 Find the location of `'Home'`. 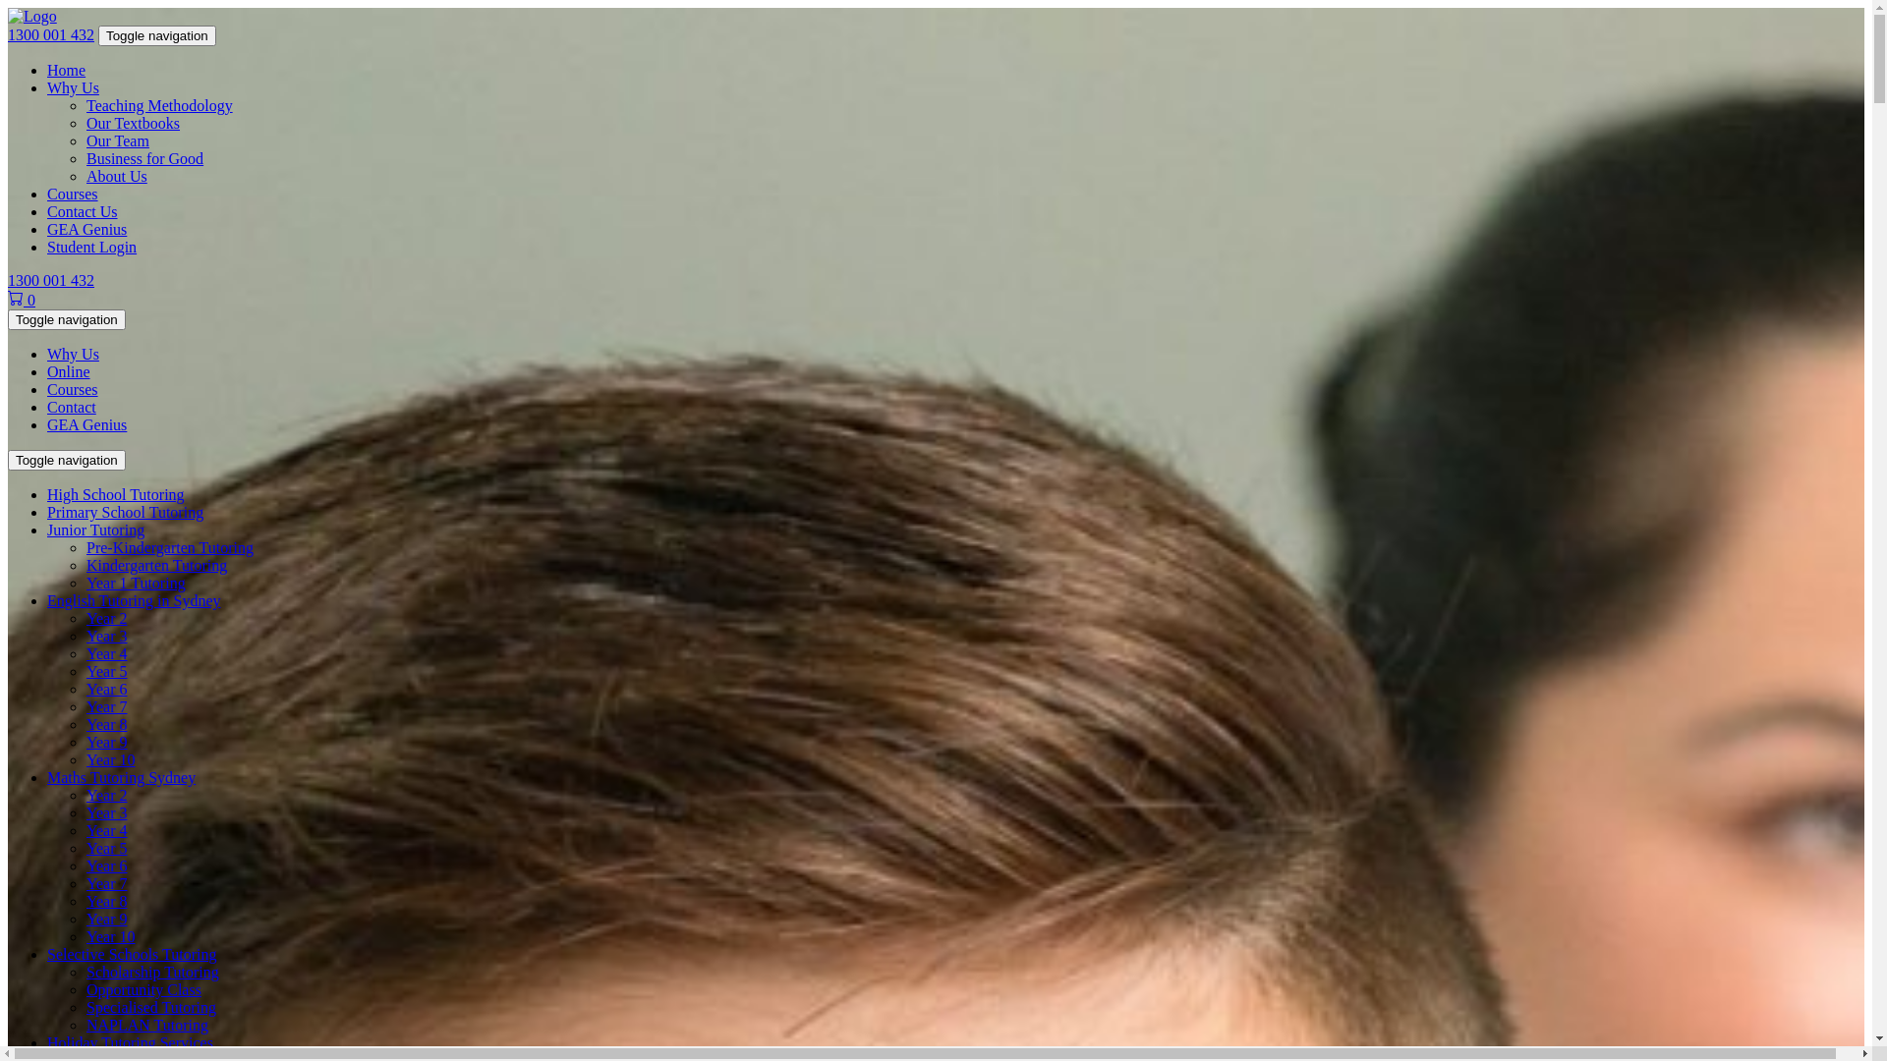

'Home' is located at coordinates (66, 69).